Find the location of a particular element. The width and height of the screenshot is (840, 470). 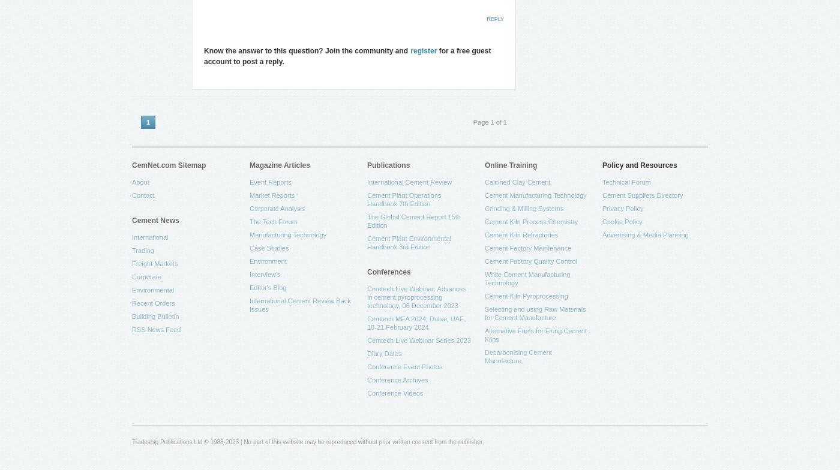

'for a free guest account to post a reply.' is located at coordinates (347, 55).